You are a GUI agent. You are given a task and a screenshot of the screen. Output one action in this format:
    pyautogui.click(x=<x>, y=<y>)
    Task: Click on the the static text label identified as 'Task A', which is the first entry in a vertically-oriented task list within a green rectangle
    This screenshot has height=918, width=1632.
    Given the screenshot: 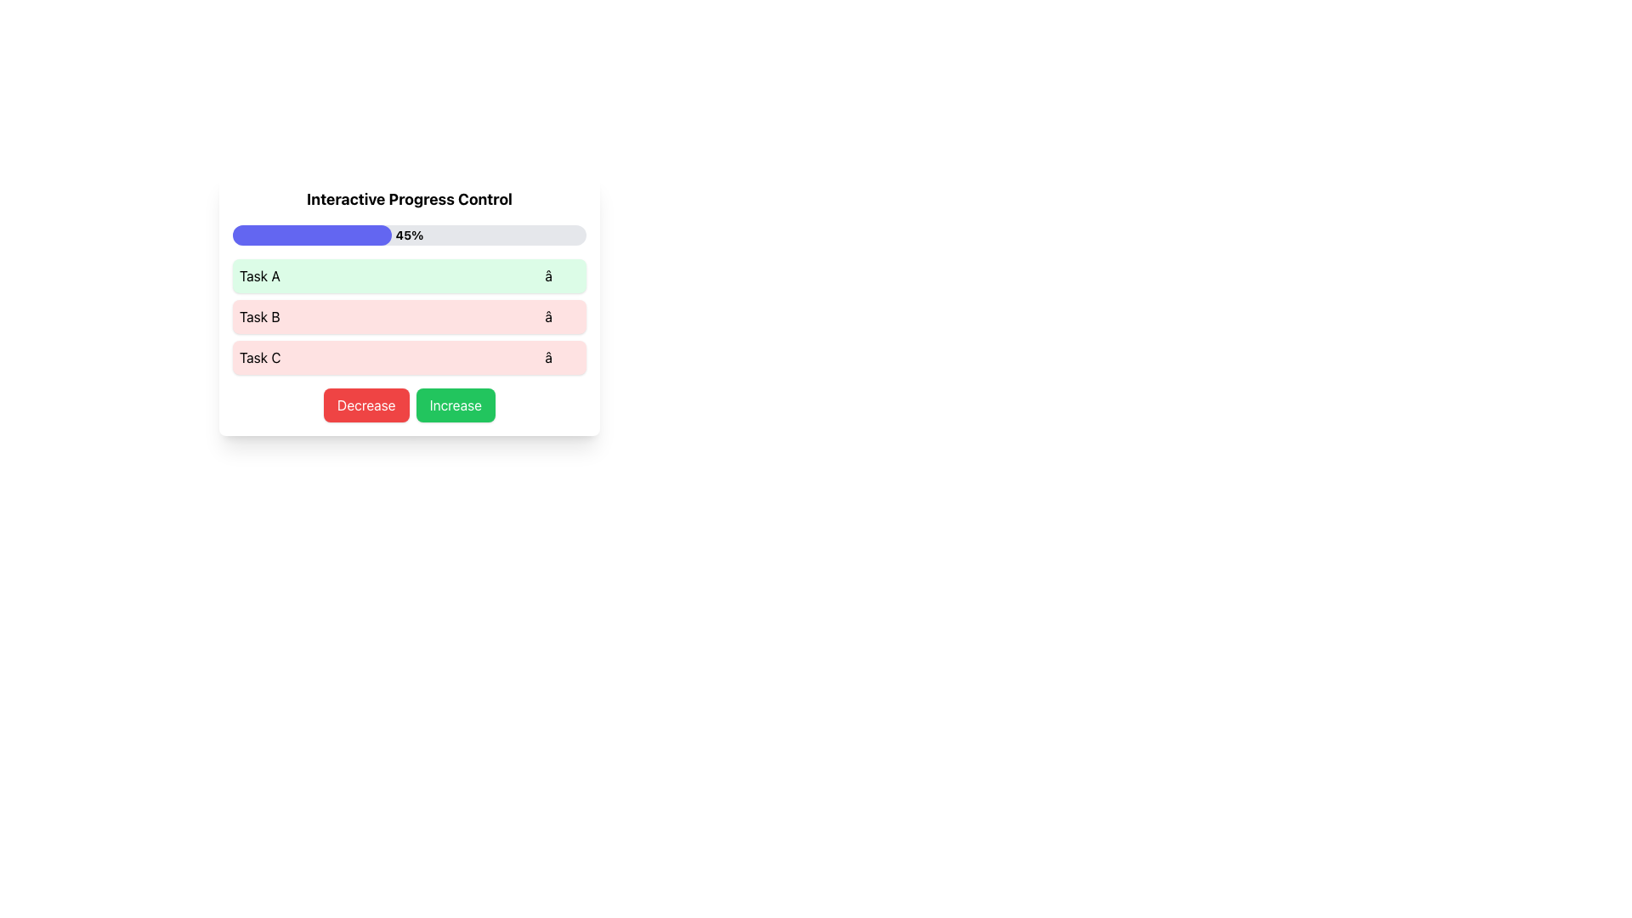 What is the action you would take?
    pyautogui.click(x=258, y=275)
    